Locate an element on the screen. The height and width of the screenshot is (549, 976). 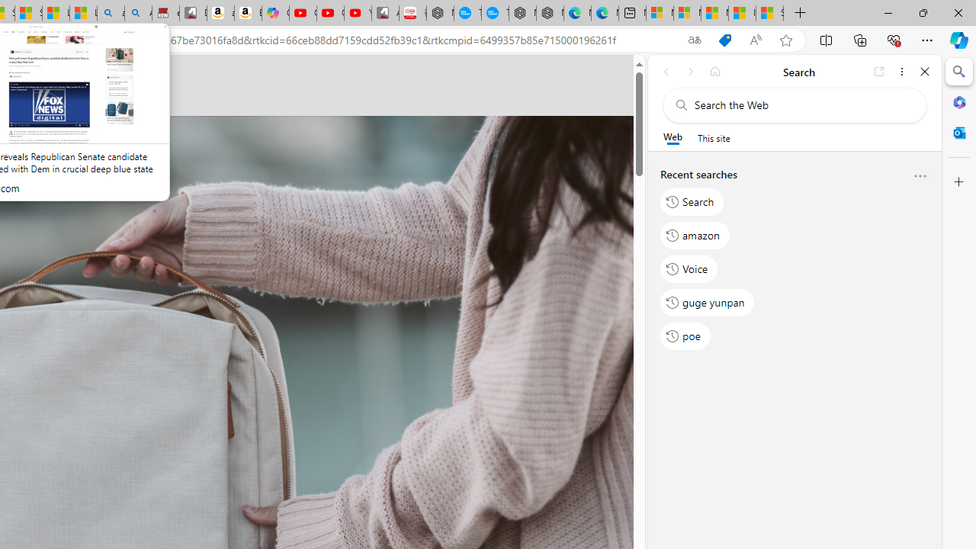
'Amazon Echo Dot PNG - Search Images' is located at coordinates (138, 13).